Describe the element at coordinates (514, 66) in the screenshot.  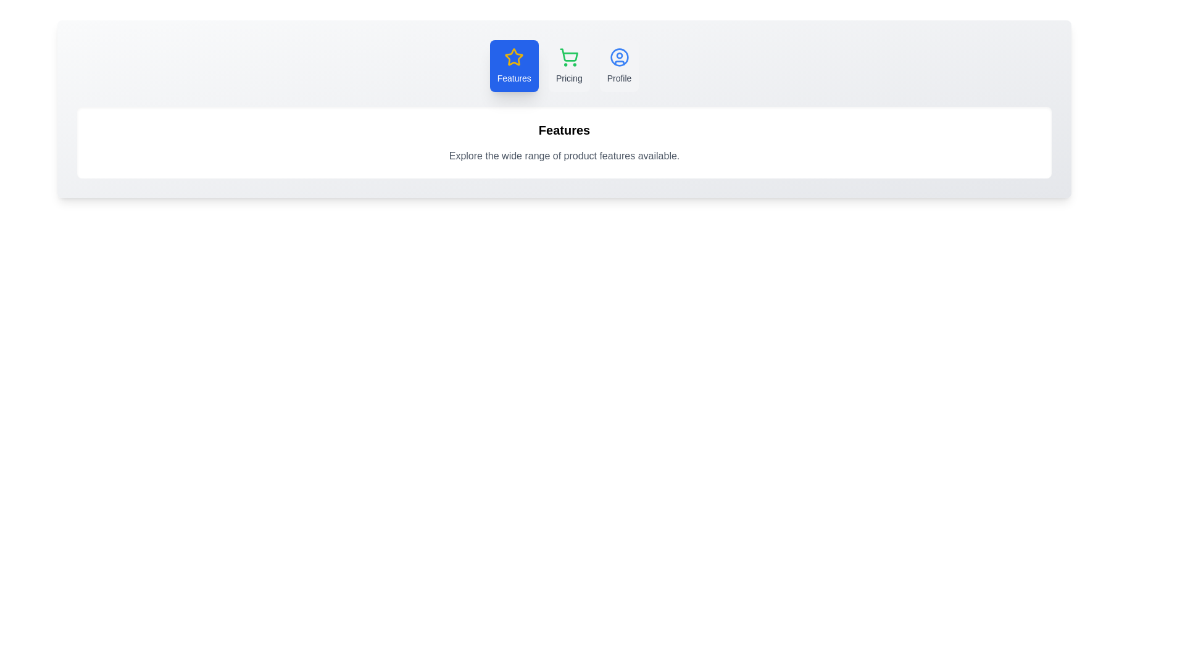
I see `the tab labeled Features to inspect its hover effect` at that location.